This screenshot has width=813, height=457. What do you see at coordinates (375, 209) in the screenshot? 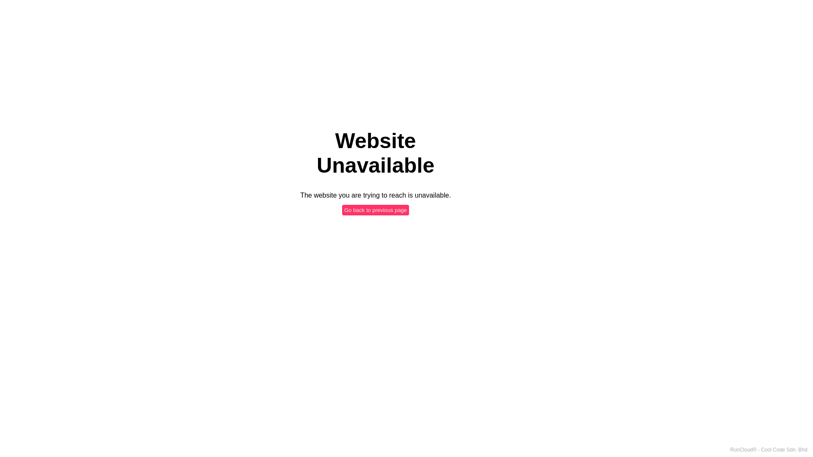
I see `'Go back to previous page'` at bounding box center [375, 209].